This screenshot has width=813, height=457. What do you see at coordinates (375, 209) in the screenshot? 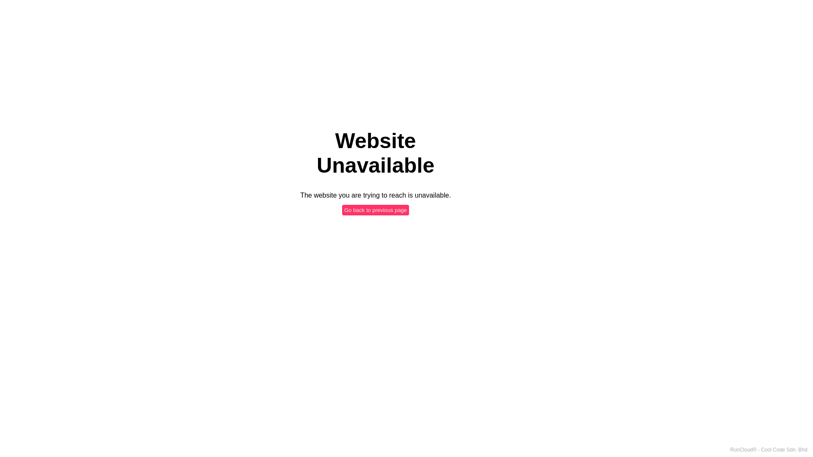
I see `'Go back to previous page'` at bounding box center [375, 209].